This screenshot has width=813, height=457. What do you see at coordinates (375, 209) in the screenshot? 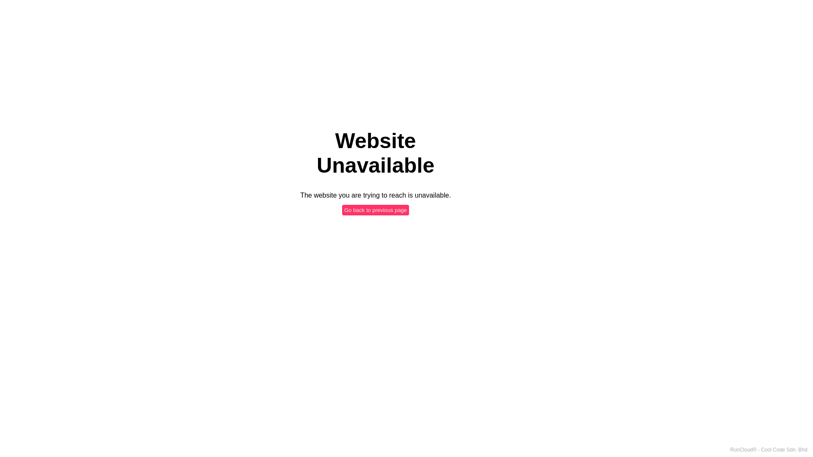
I see `'Go back to previous page'` at bounding box center [375, 209].